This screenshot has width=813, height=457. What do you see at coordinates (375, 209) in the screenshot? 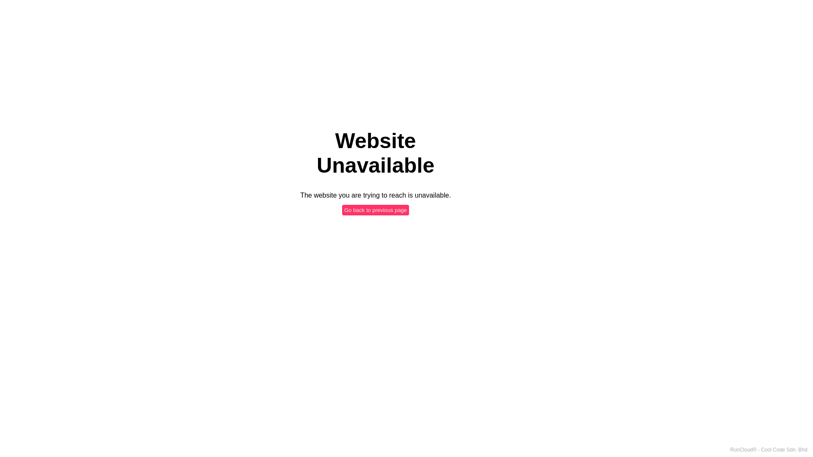
I see `'Go back to previous page'` at bounding box center [375, 209].